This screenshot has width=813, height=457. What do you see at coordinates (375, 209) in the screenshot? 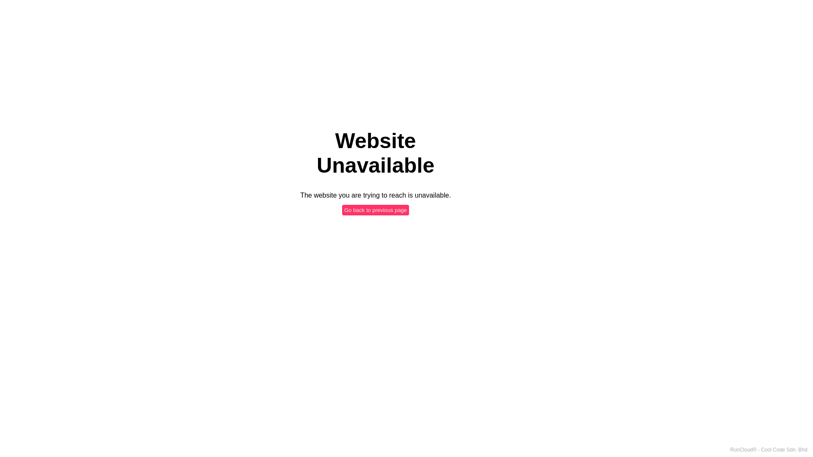
I see `'Go back to previous page'` at bounding box center [375, 209].